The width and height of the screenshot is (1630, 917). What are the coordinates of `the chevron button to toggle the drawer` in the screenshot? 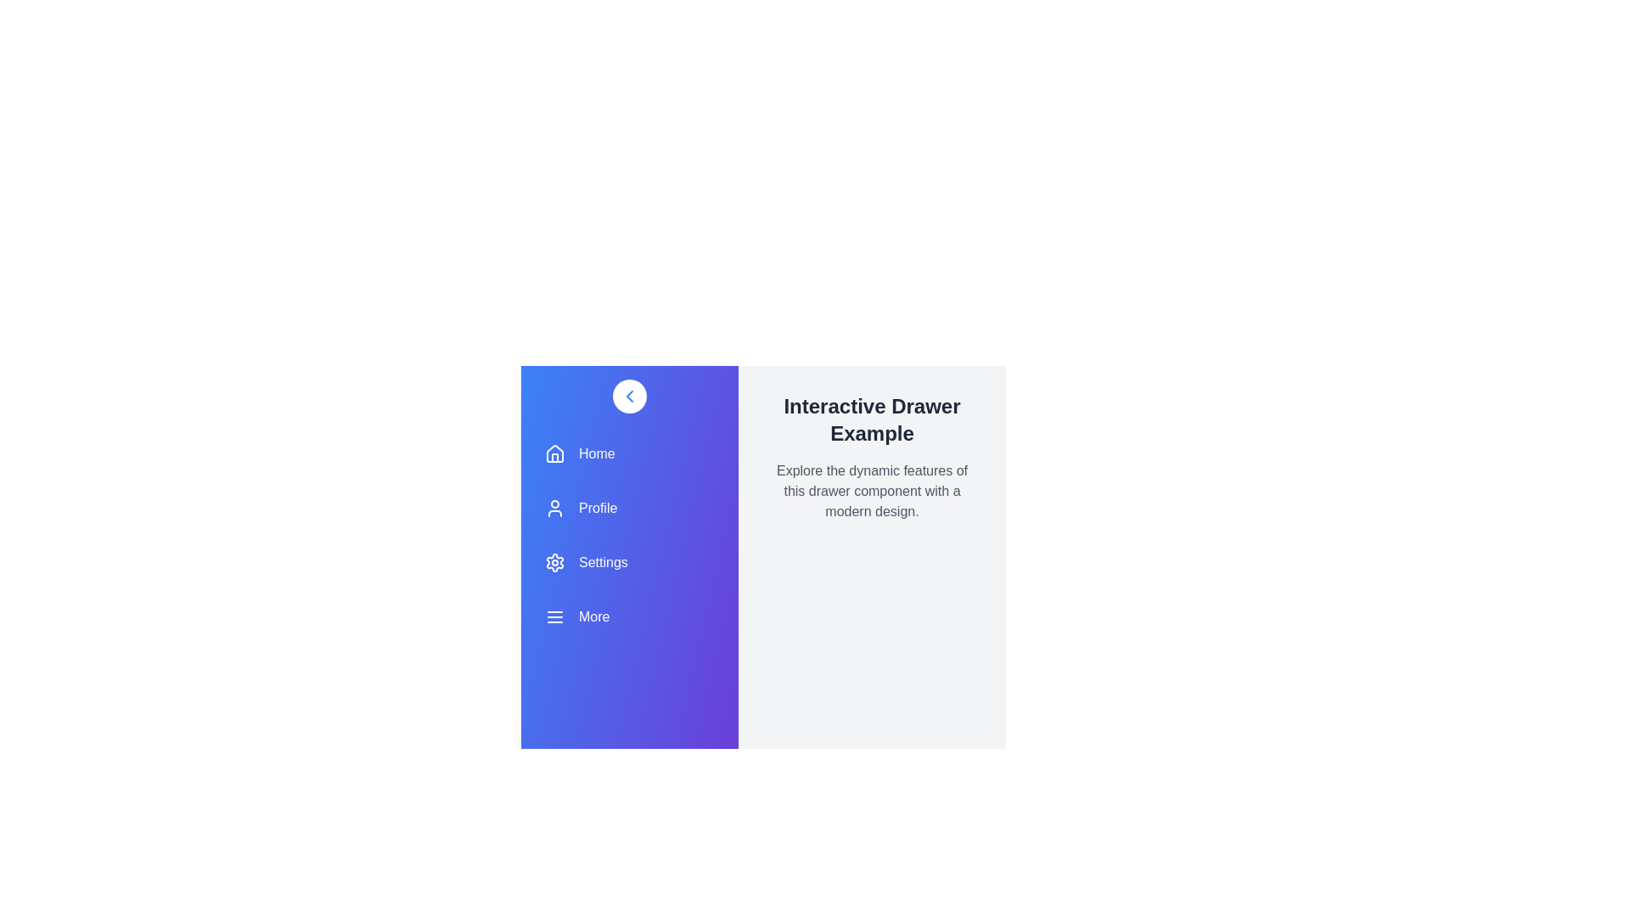 It's located at (629, 396).